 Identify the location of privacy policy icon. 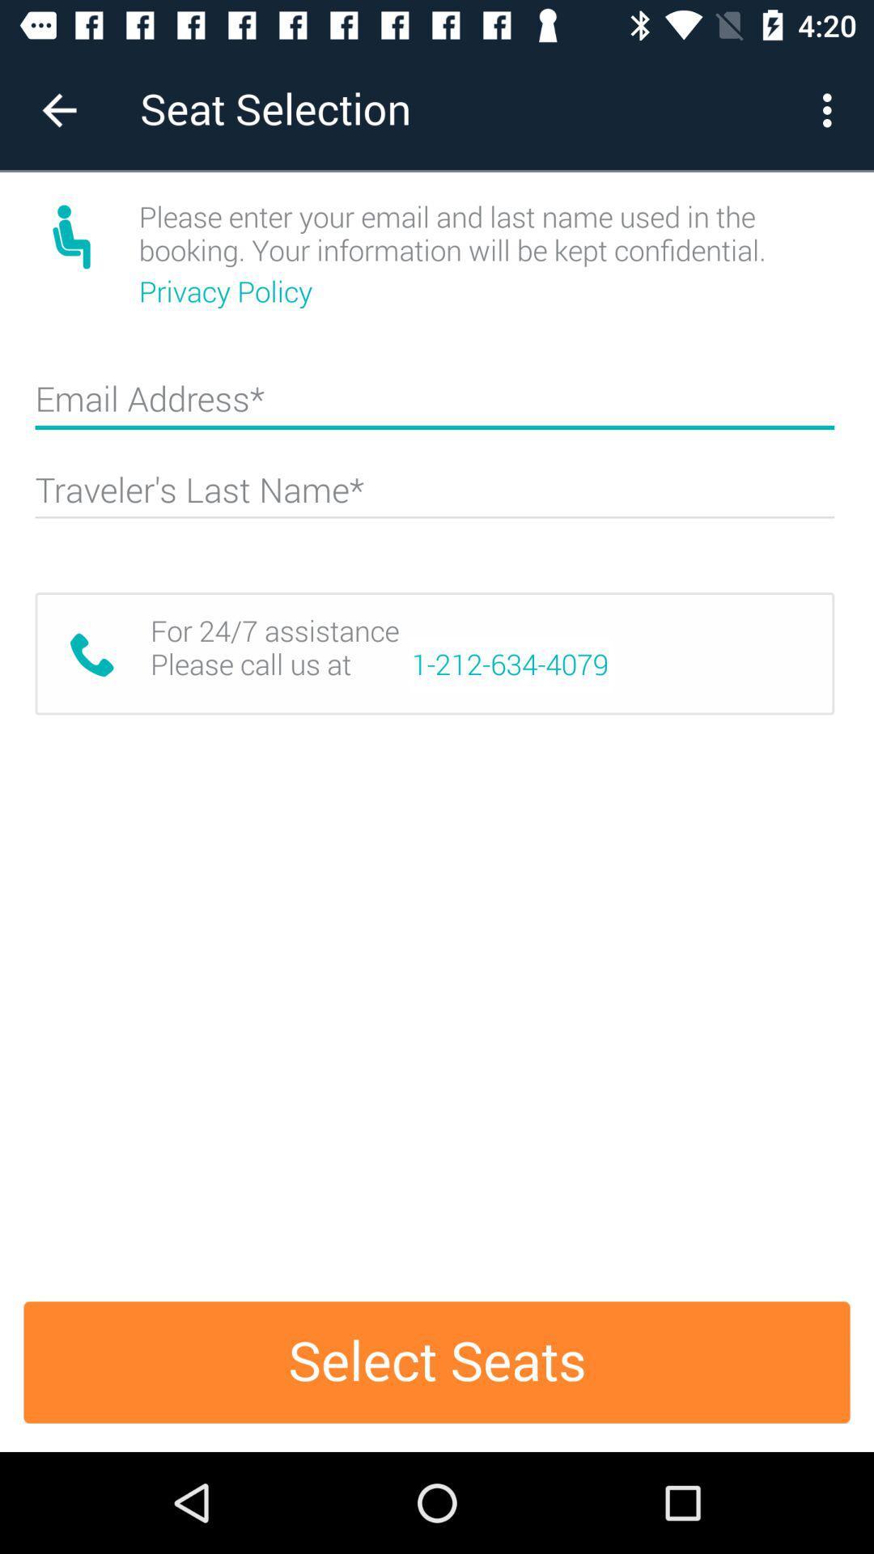
(229, 291).